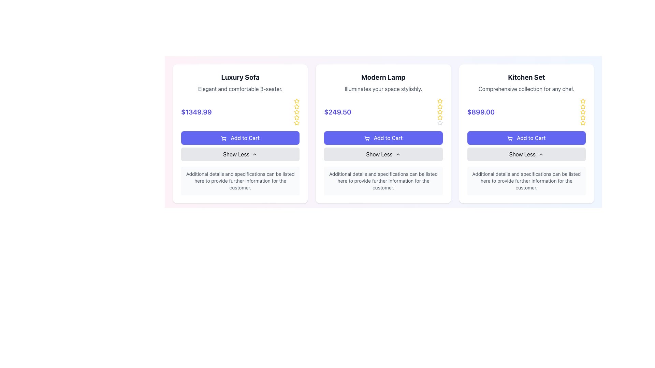 This screenshot has height=368, width=655. Describe the element at coordinates (582, 101) in the screenshot. I see `the first SVG icon styled as a rating star in the rating section of the 'Kitchen Set' product card to assign a one-star rating` at that location.